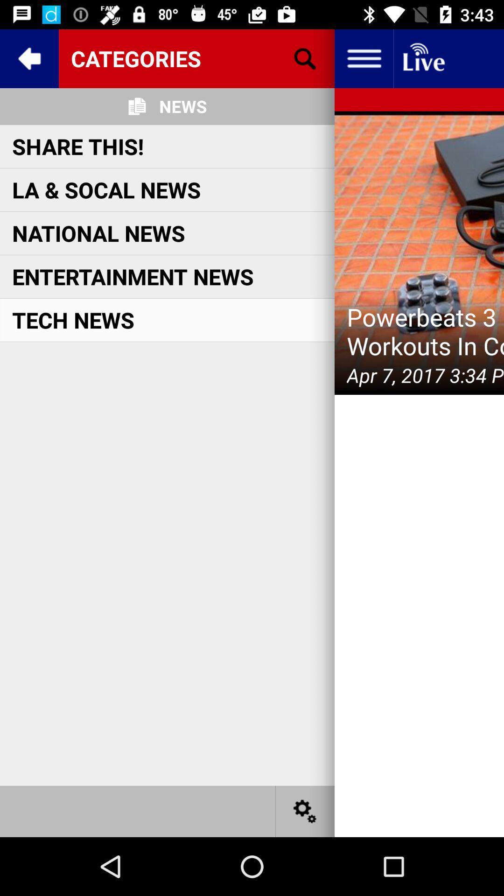 The width and height of the screenshot is (504, 896). What do you see at coordinates (98, 233) in the screenshot?
I see `the national news item` at bounding box center [98, 233].